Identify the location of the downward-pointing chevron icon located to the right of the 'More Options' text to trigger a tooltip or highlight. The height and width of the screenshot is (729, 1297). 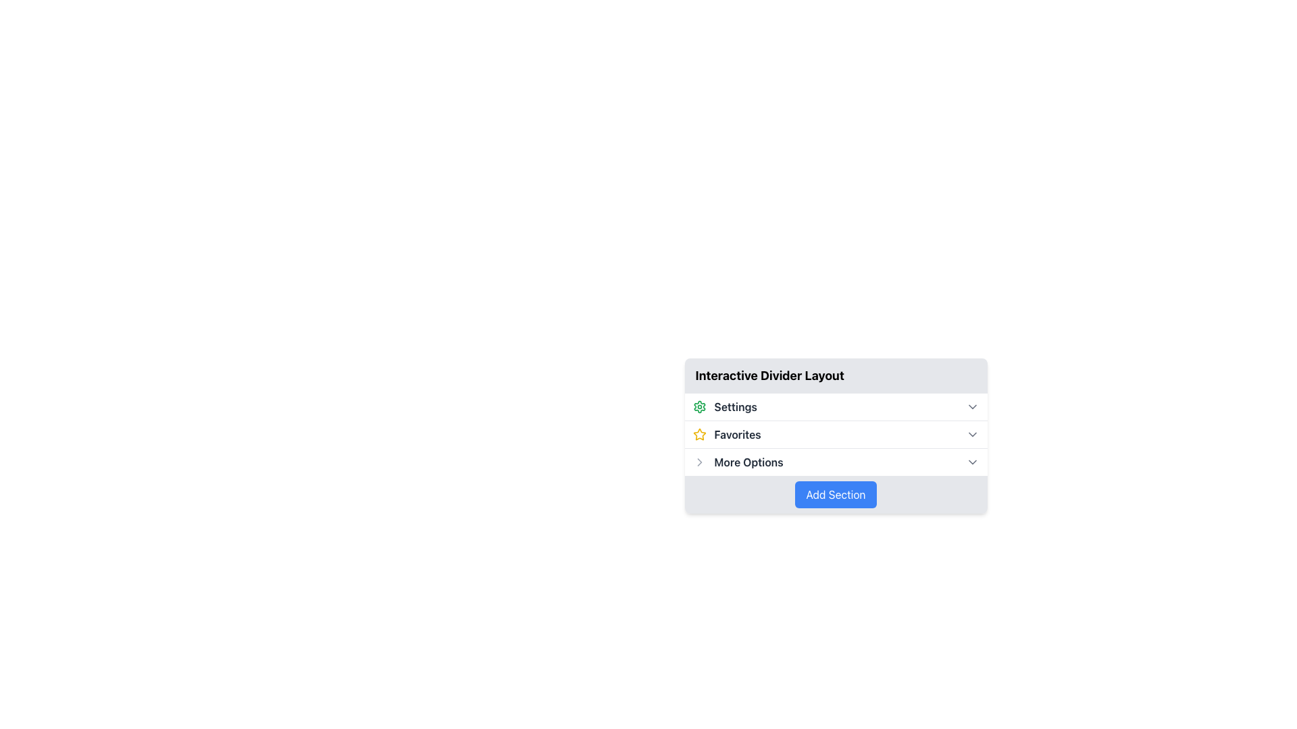
(971, 462).